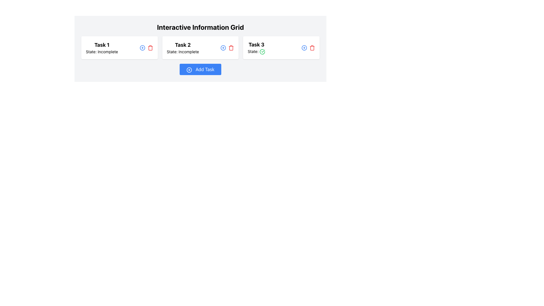  What do you see at coordinates (262, 52) in the screenshot?
I see `the circular green icon with a check mark inside it, located to the right of the text 'State:' within the 'Task 3' box` at bounding box center [262, 52].